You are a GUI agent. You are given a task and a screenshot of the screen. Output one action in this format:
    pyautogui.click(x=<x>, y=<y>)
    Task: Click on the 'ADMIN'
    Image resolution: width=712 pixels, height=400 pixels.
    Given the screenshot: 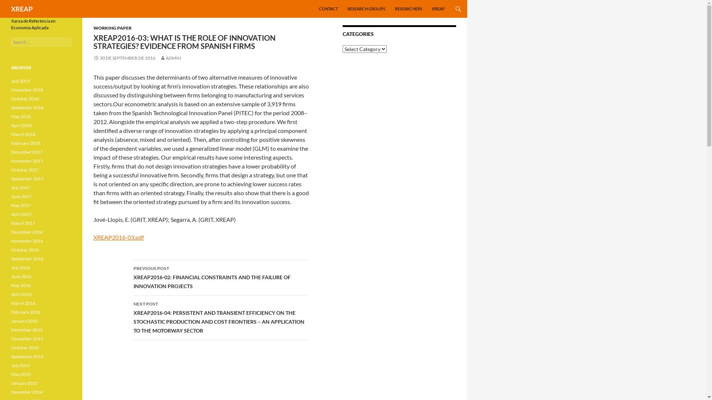 What is the action you would take?
    pyautogui.click(x=170, y=57)
    